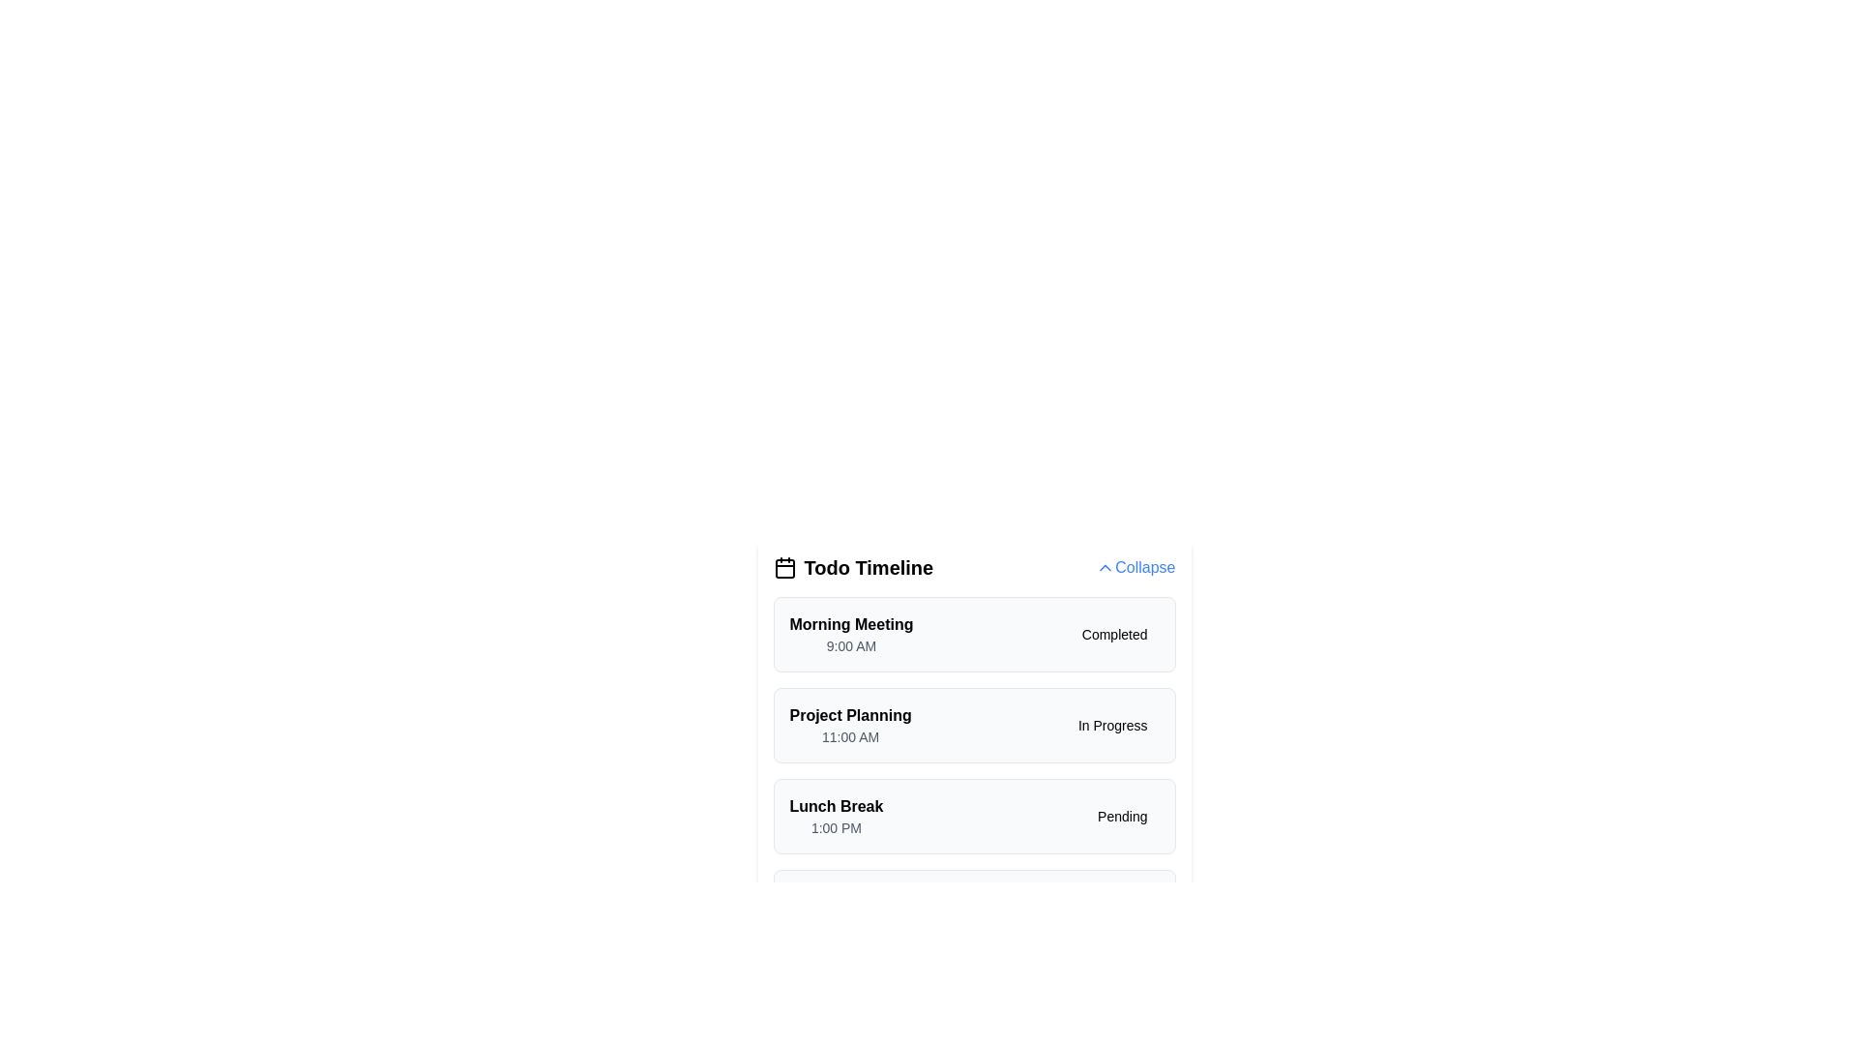  Describe the element at coordinates (850, 737) in the screenshot. I see `the text label displaying '11:00 AM' associated with the 'Project Planning' task in the timeline interface` at that location.